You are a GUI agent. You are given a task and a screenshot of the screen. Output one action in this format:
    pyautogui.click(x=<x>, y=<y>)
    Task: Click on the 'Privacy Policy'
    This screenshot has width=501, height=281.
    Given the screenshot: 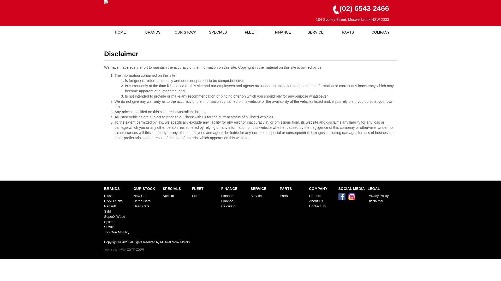 What is the action you would take?
    pyautogui.click(x=381, y=196)
    